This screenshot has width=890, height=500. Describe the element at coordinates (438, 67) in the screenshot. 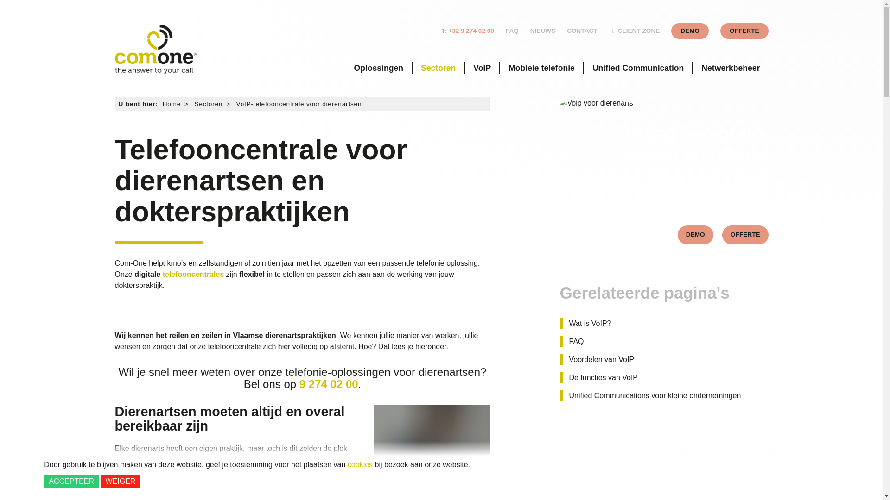

I see `'Sectoren'` at that location.